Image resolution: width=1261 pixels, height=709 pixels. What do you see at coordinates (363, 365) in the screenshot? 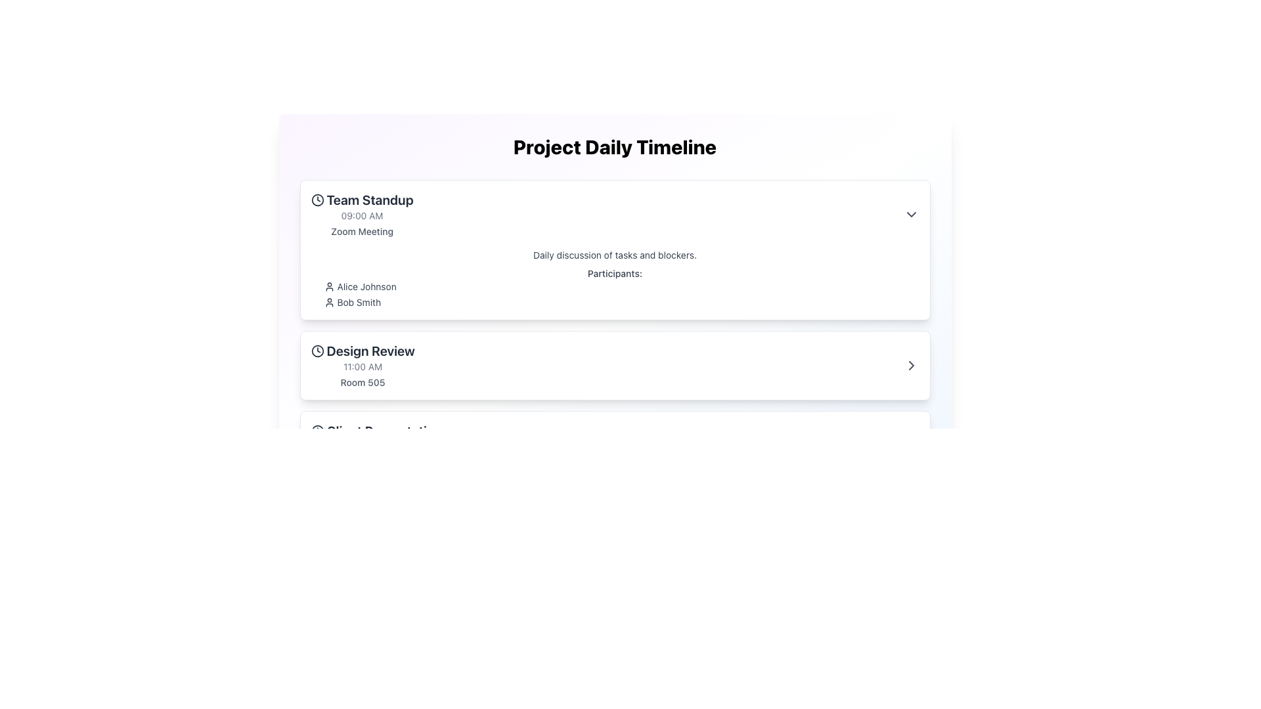
I see `the 'Design Review' card element` at bounding box center [363, 365].